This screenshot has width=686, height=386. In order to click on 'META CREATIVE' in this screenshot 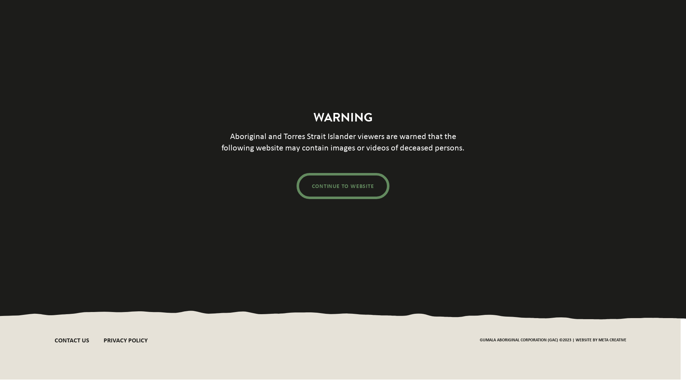, I will do `click(612, 339)`.